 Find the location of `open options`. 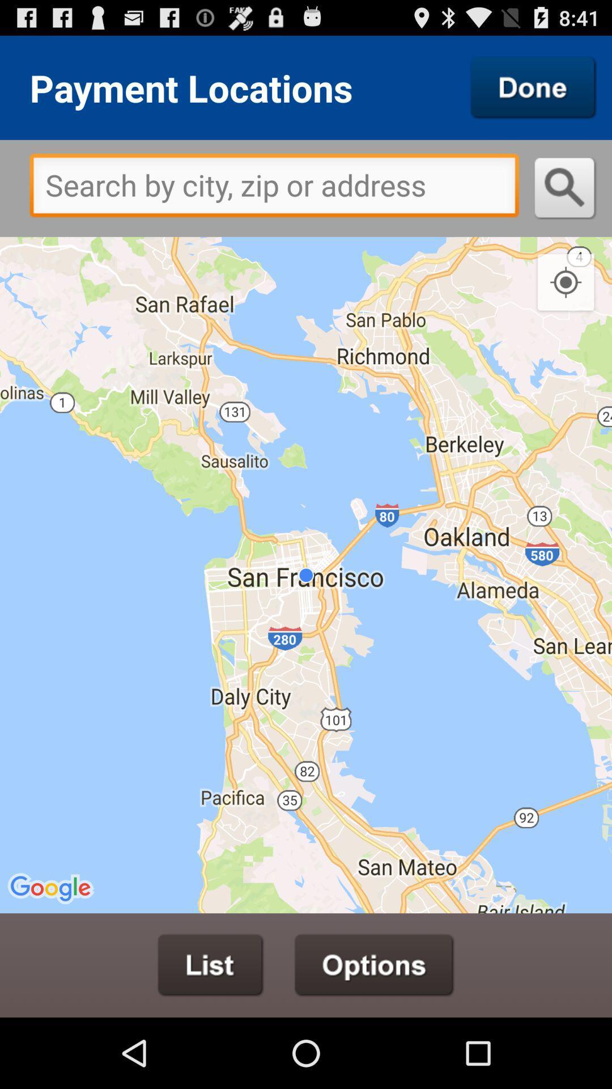

open options is located at coordinates (374, 965).